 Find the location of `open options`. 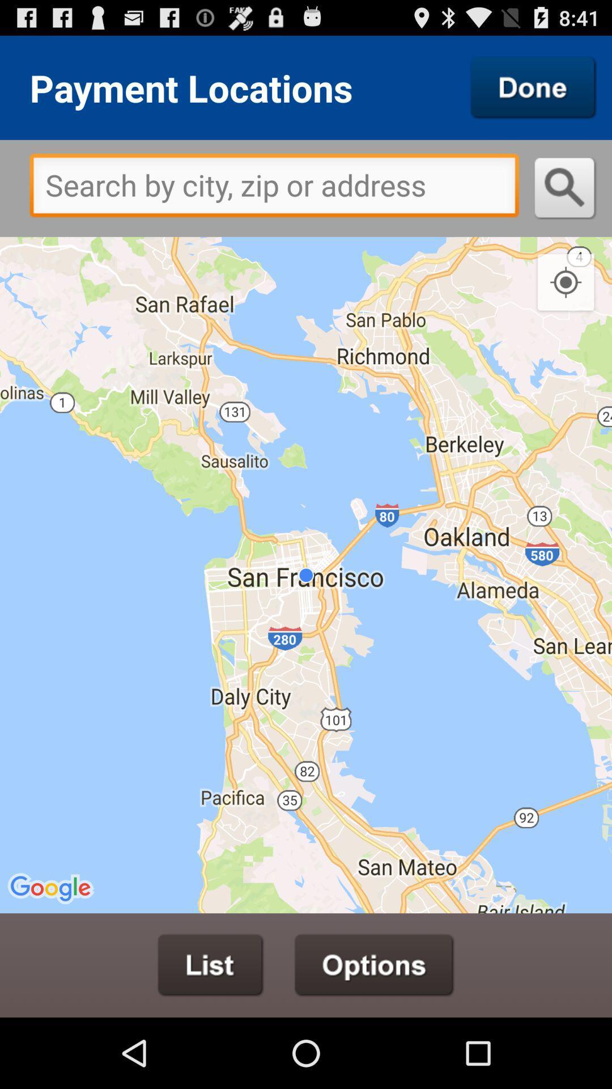

open options is located at coordinates (374, 965).